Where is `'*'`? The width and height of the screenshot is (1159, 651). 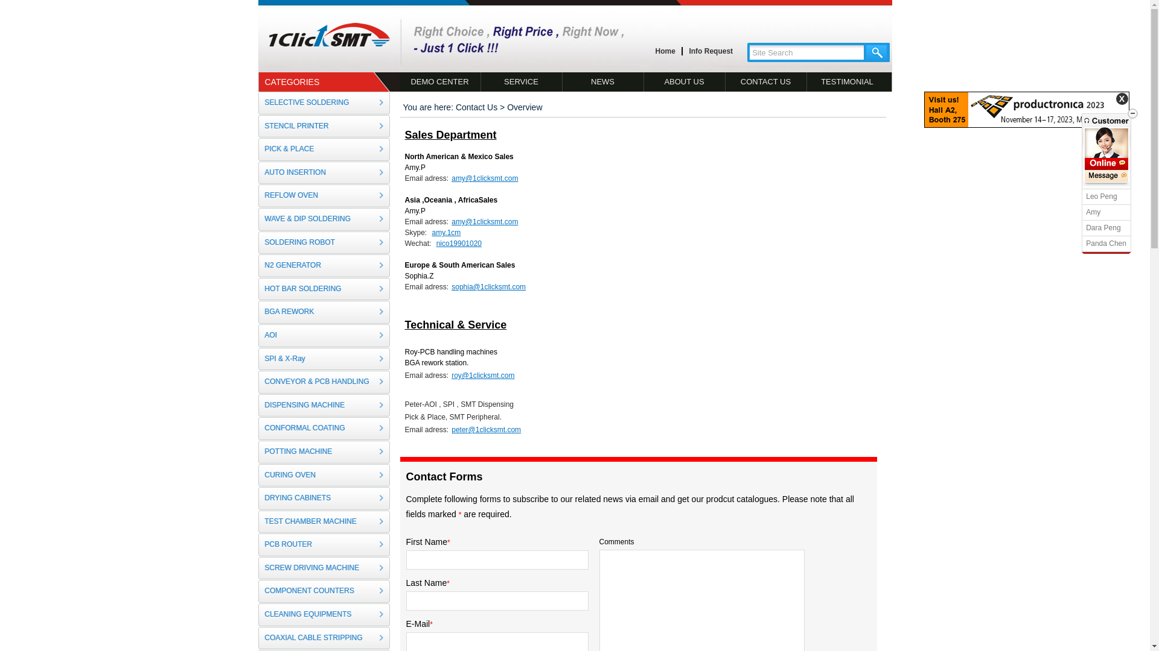
'*' is located at coordinates (447, 583).